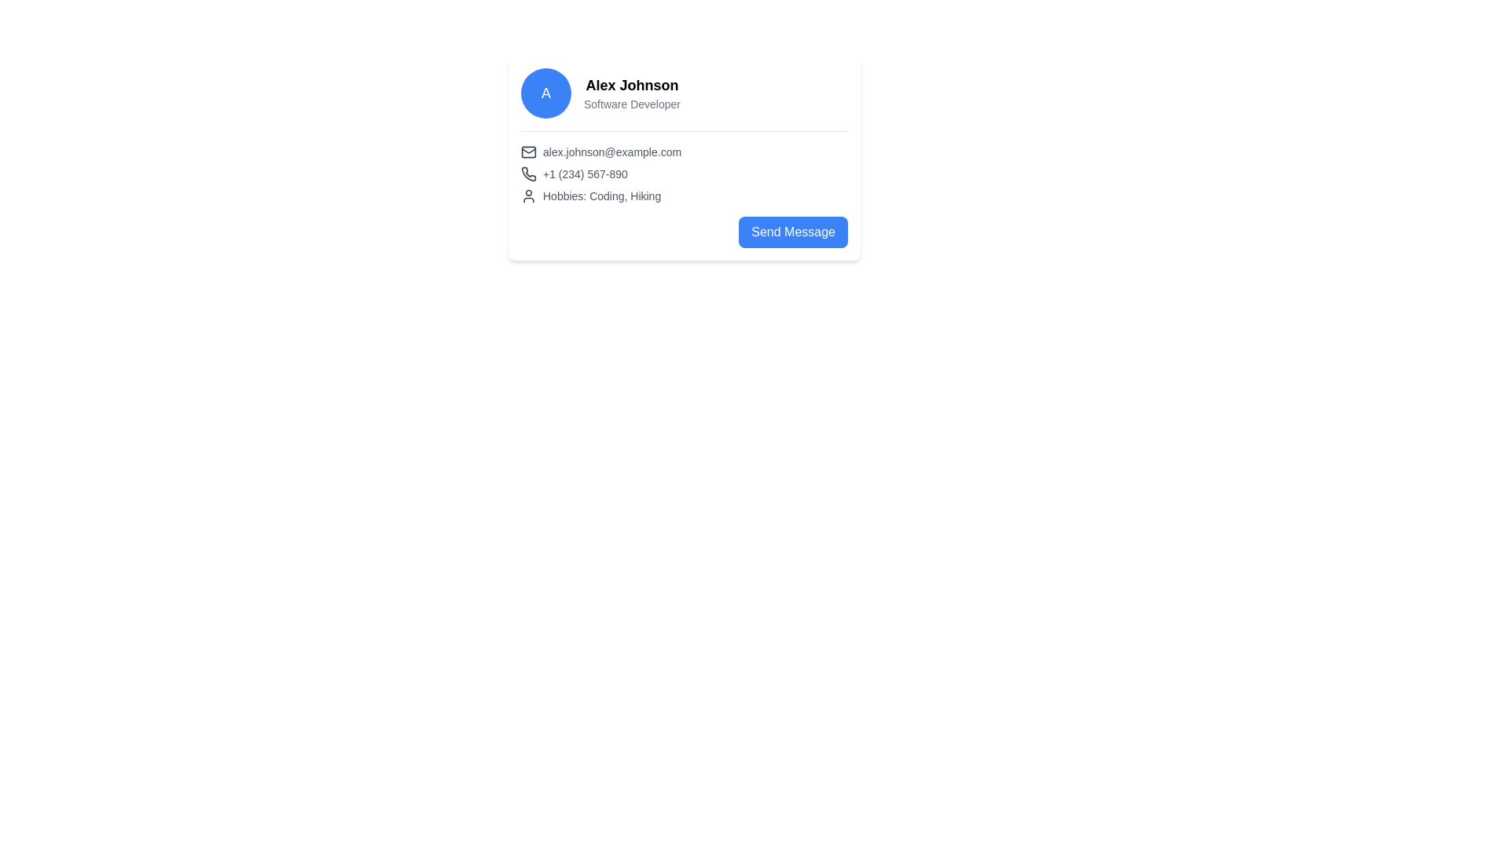 This screenshot has width=1509, height=848. I want to click on the Text Label that represents the user's name, located to the right of the blue circular avatar labeled 'A' and above the subtitle 'Software Developer', so click(632, 85).